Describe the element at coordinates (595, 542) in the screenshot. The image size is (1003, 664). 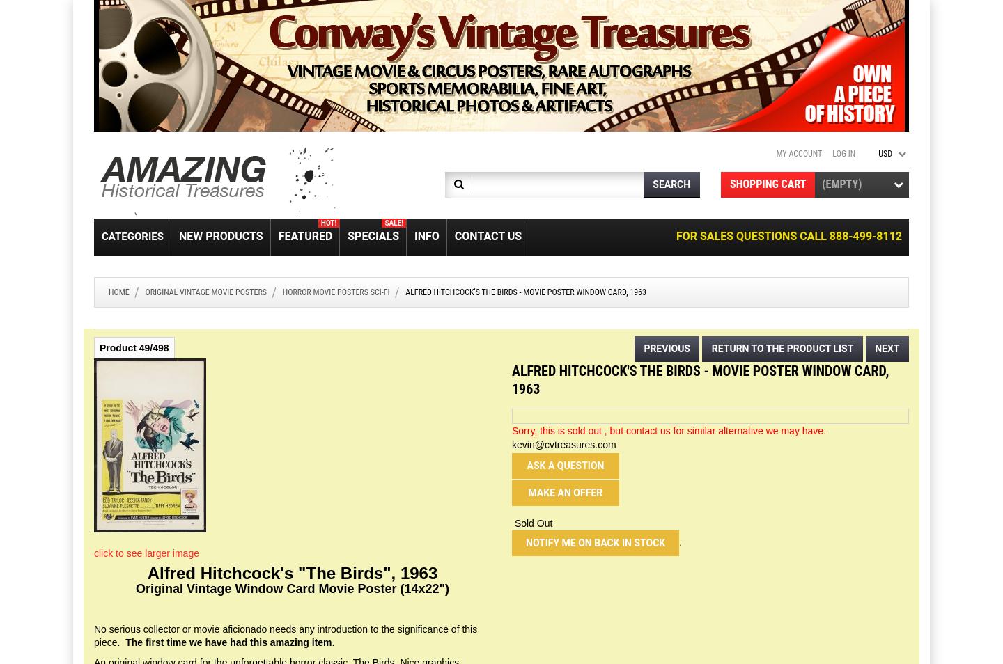
I see `'Notify Me on Back In Stock'` at that location.